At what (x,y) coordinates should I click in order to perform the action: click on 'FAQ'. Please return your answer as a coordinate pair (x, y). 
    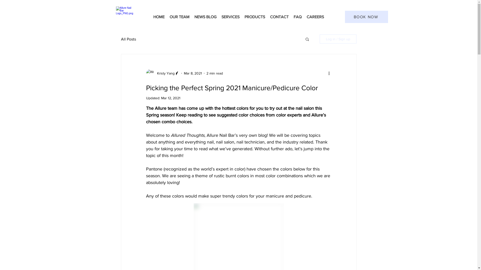
    Looking at the image, I should click on (298, 16).